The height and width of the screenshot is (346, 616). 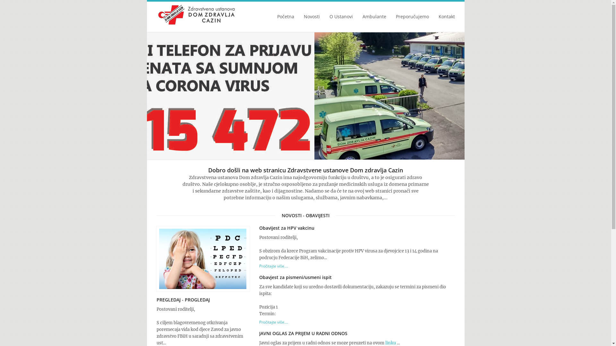 What do you see at coordinates (196, 14) in the screenshot?
I see `'ZU Dom zdravlja Cazin'` at bounding box center [196, 14].